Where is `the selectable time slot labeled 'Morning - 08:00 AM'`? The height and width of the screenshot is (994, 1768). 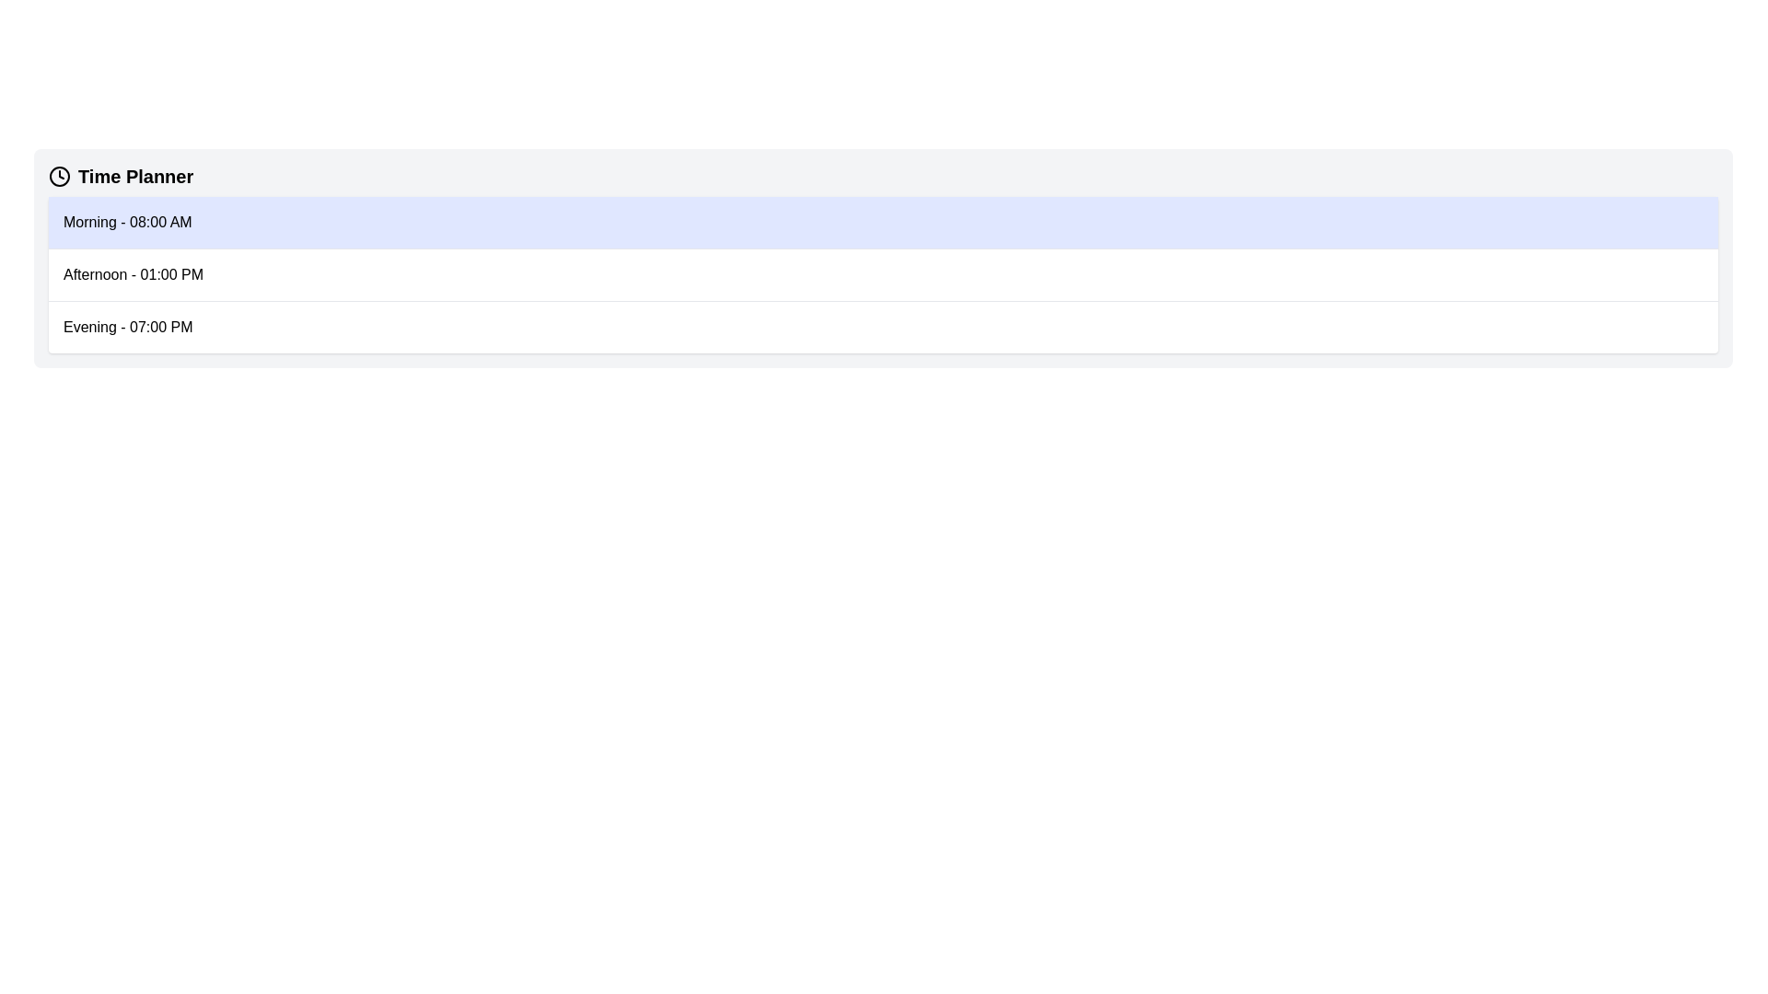
the selectable time slot labeled 'Morning - 08:00 AM' is located at coordinates (882, 222).